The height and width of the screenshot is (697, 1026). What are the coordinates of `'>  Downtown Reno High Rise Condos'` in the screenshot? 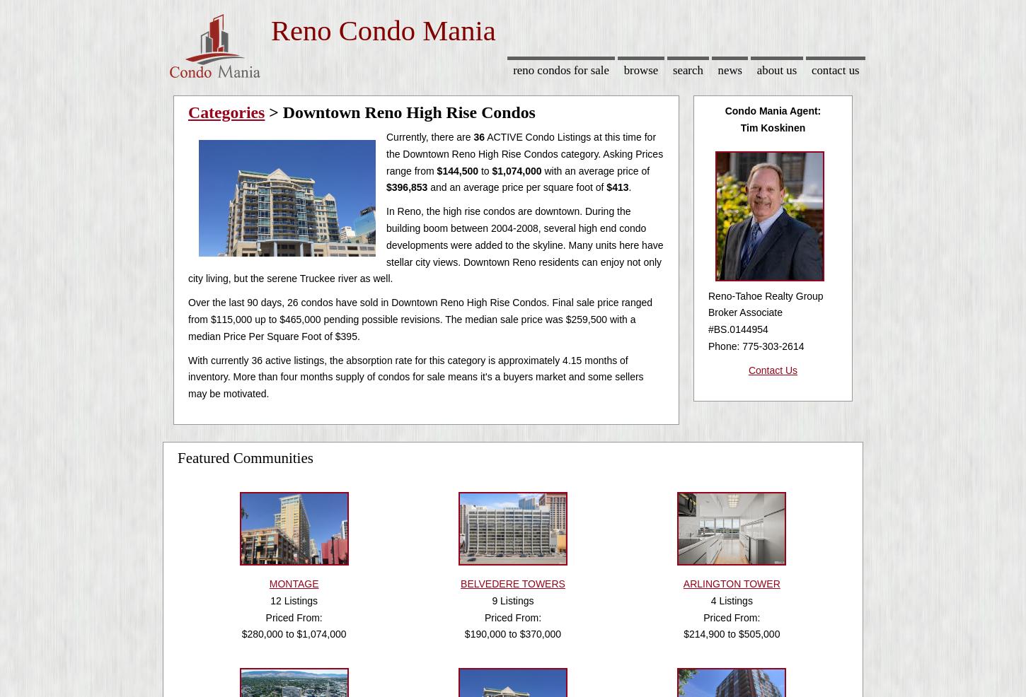 It's located at (400, 112).